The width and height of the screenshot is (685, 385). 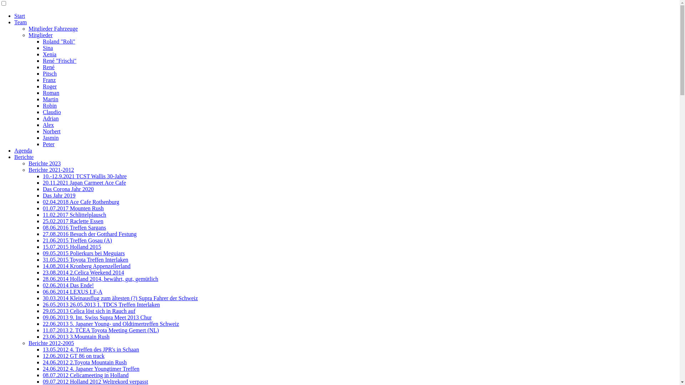 What do you see at coordinates (49, 80) in the screenshot?
I see `'Franz'` at bounding box center [49, 80].